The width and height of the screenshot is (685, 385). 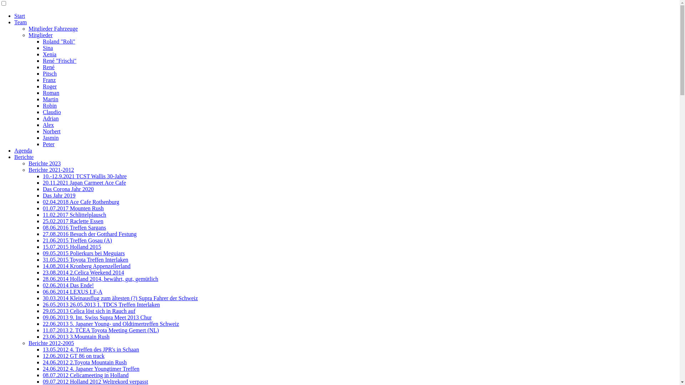 What do you see at coordinates (49, 80) in the screenshot?
I see `'Franz'` at bounding box center [49, 80].